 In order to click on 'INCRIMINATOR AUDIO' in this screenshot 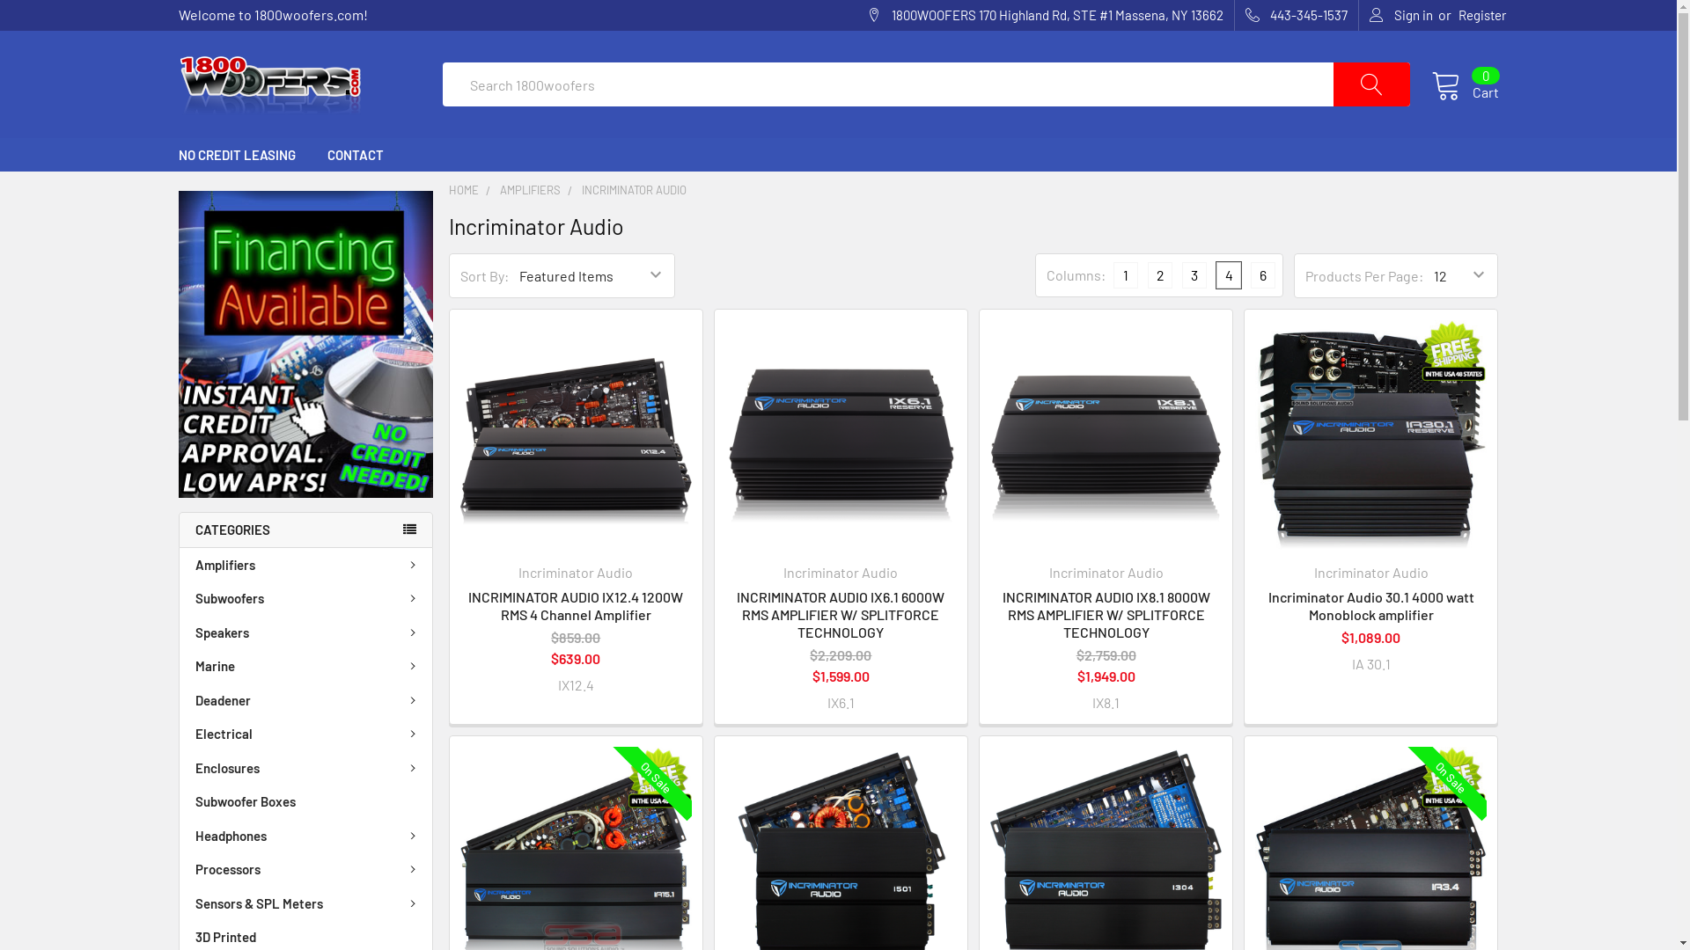, I will do `click(634, 190)`.